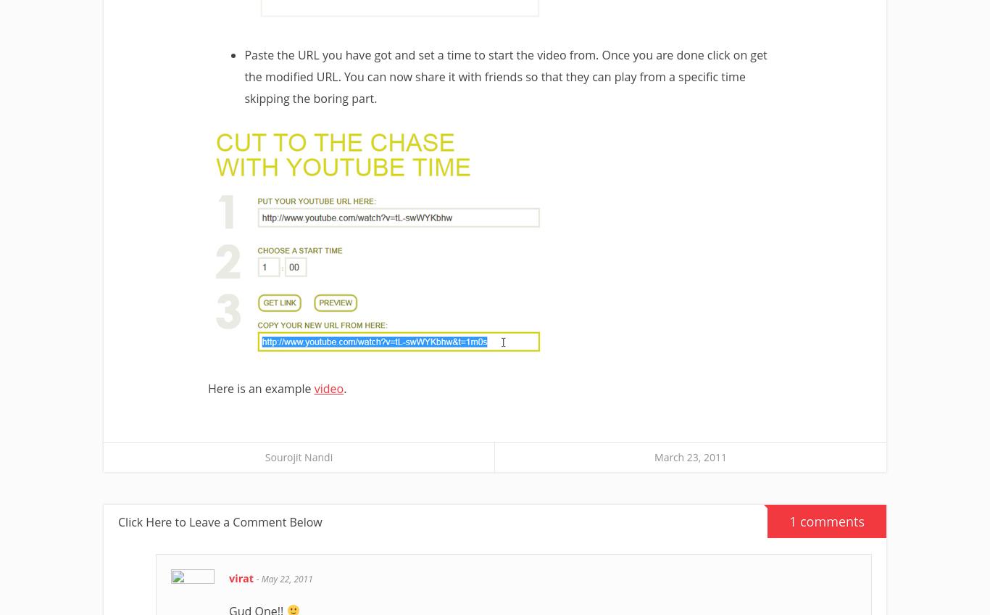 The height and width of the screenshot is (615, 990). Describe the element at coordinates (242, 577) in the screenshot. I see `'virat'` at that location.